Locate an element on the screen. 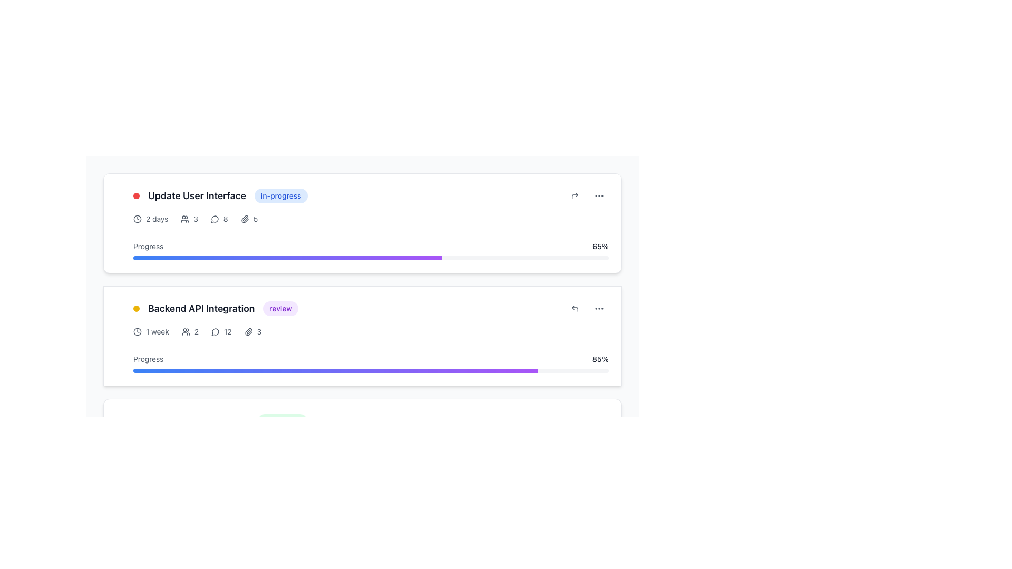  the circular reply button with a left-pointing arrow icon located in the lower right corner of the 'Backend API Integration' task card is located at coordinates (574, 308).